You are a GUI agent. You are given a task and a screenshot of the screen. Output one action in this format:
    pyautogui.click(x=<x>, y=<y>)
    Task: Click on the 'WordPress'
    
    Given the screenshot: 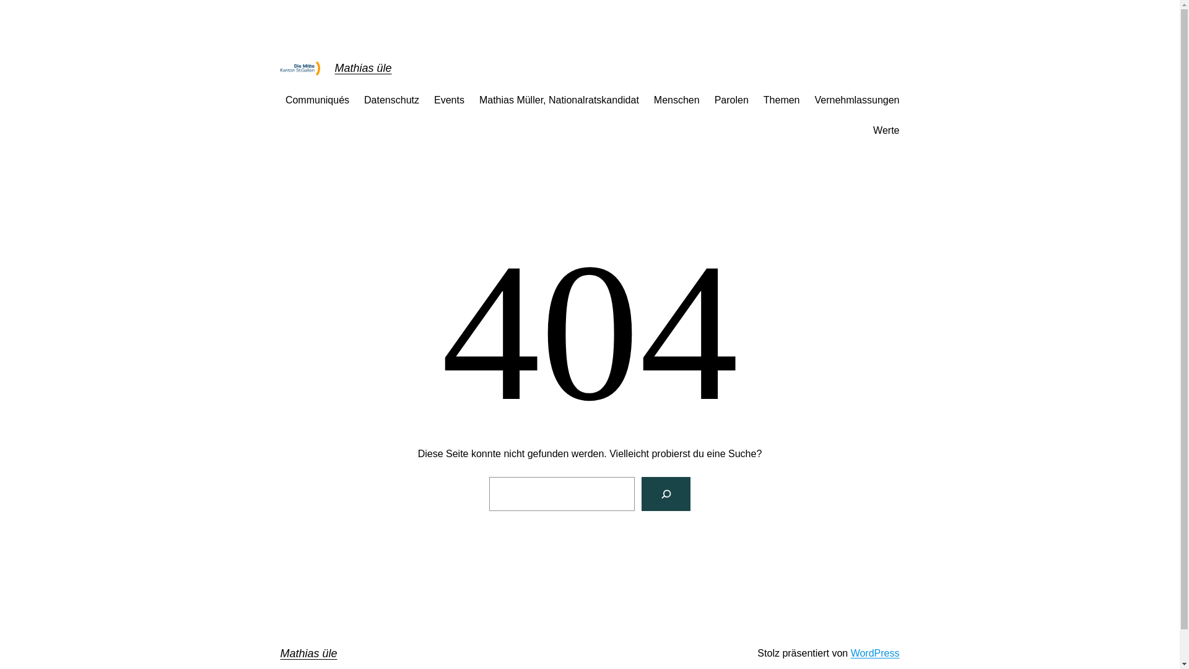 What is the action you would take?
    pyautogui.click(x=874, y=652)
    